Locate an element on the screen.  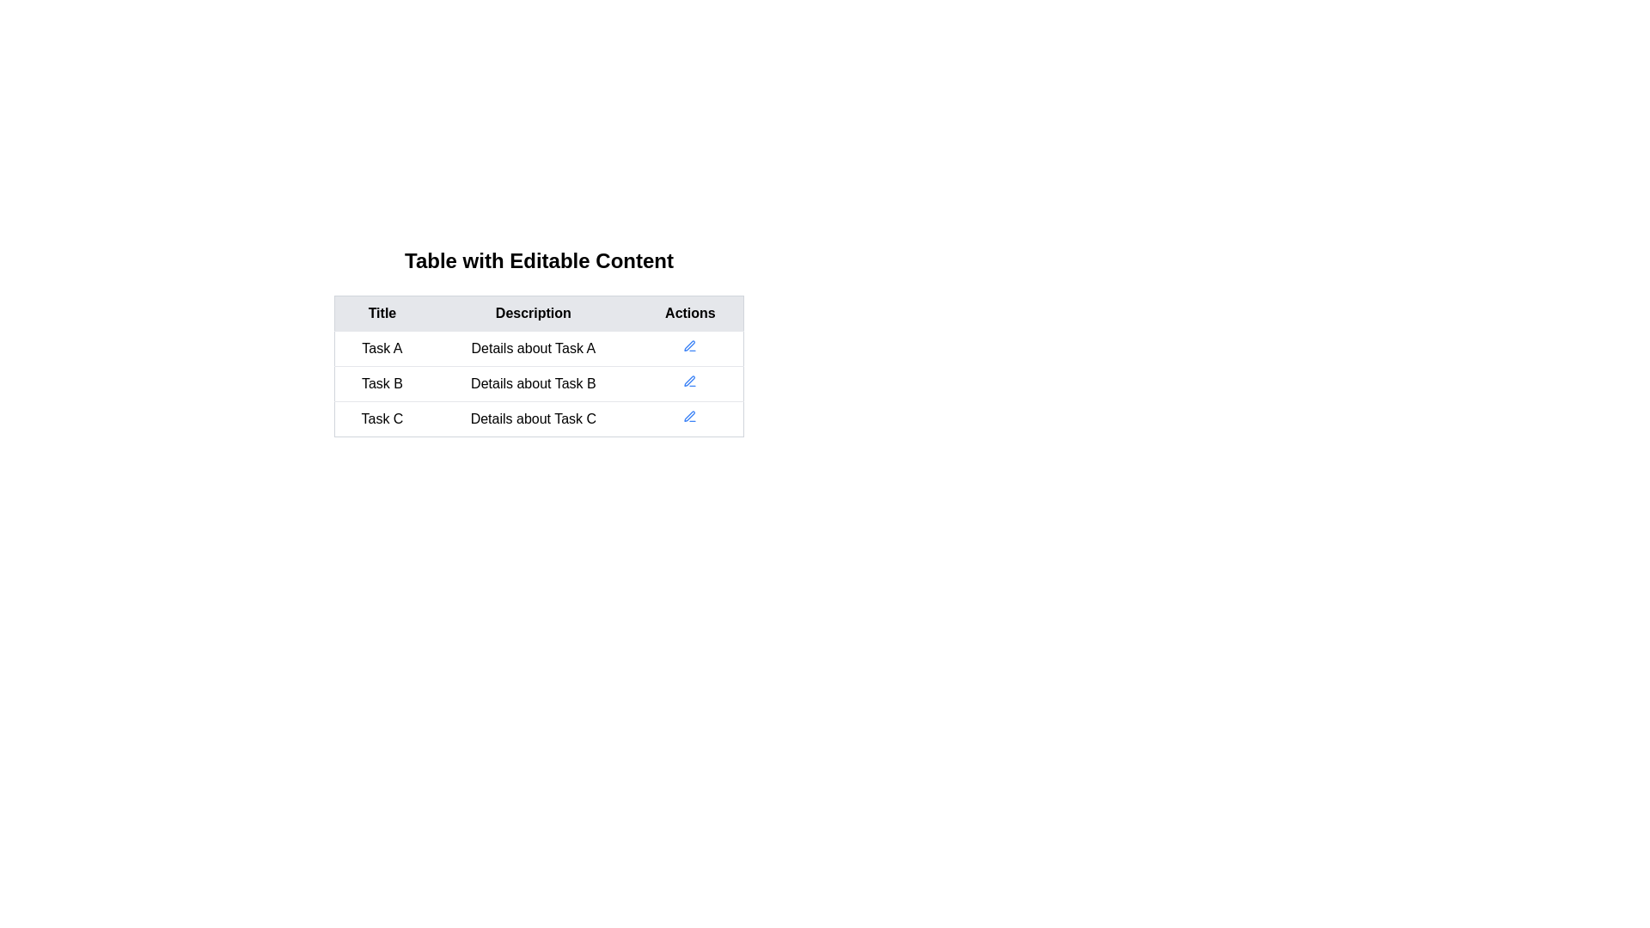
the small blue-colored pen-like icon in the 'Actions' column of the second row for 'Task B' is located at coordinates (690, 417).